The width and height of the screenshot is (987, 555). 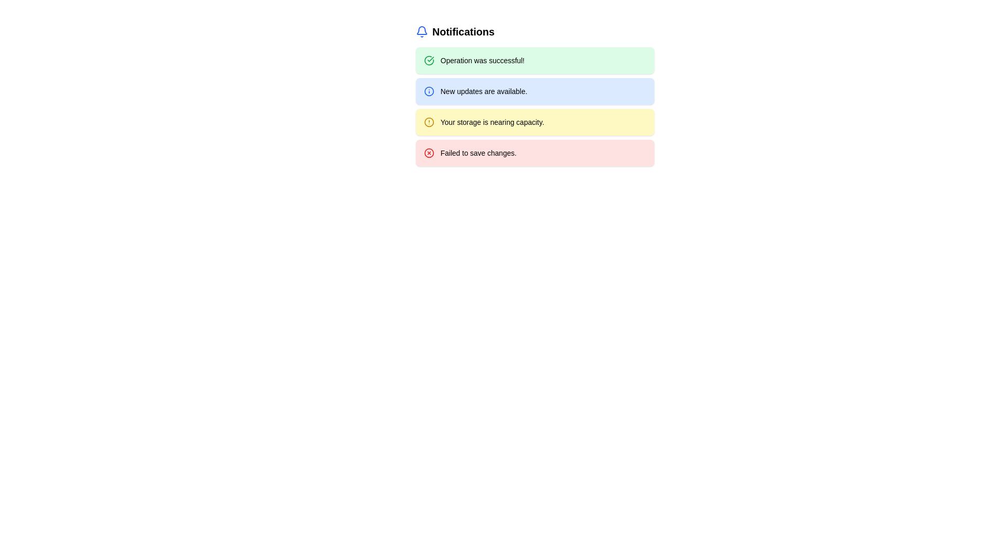 What do you see at coordinates (483, 90) in the screenshot?
I see `the notification message text that informs the user about new updates, located in the second notification card, to the right of the info icon` at bounding box center [483, 90].